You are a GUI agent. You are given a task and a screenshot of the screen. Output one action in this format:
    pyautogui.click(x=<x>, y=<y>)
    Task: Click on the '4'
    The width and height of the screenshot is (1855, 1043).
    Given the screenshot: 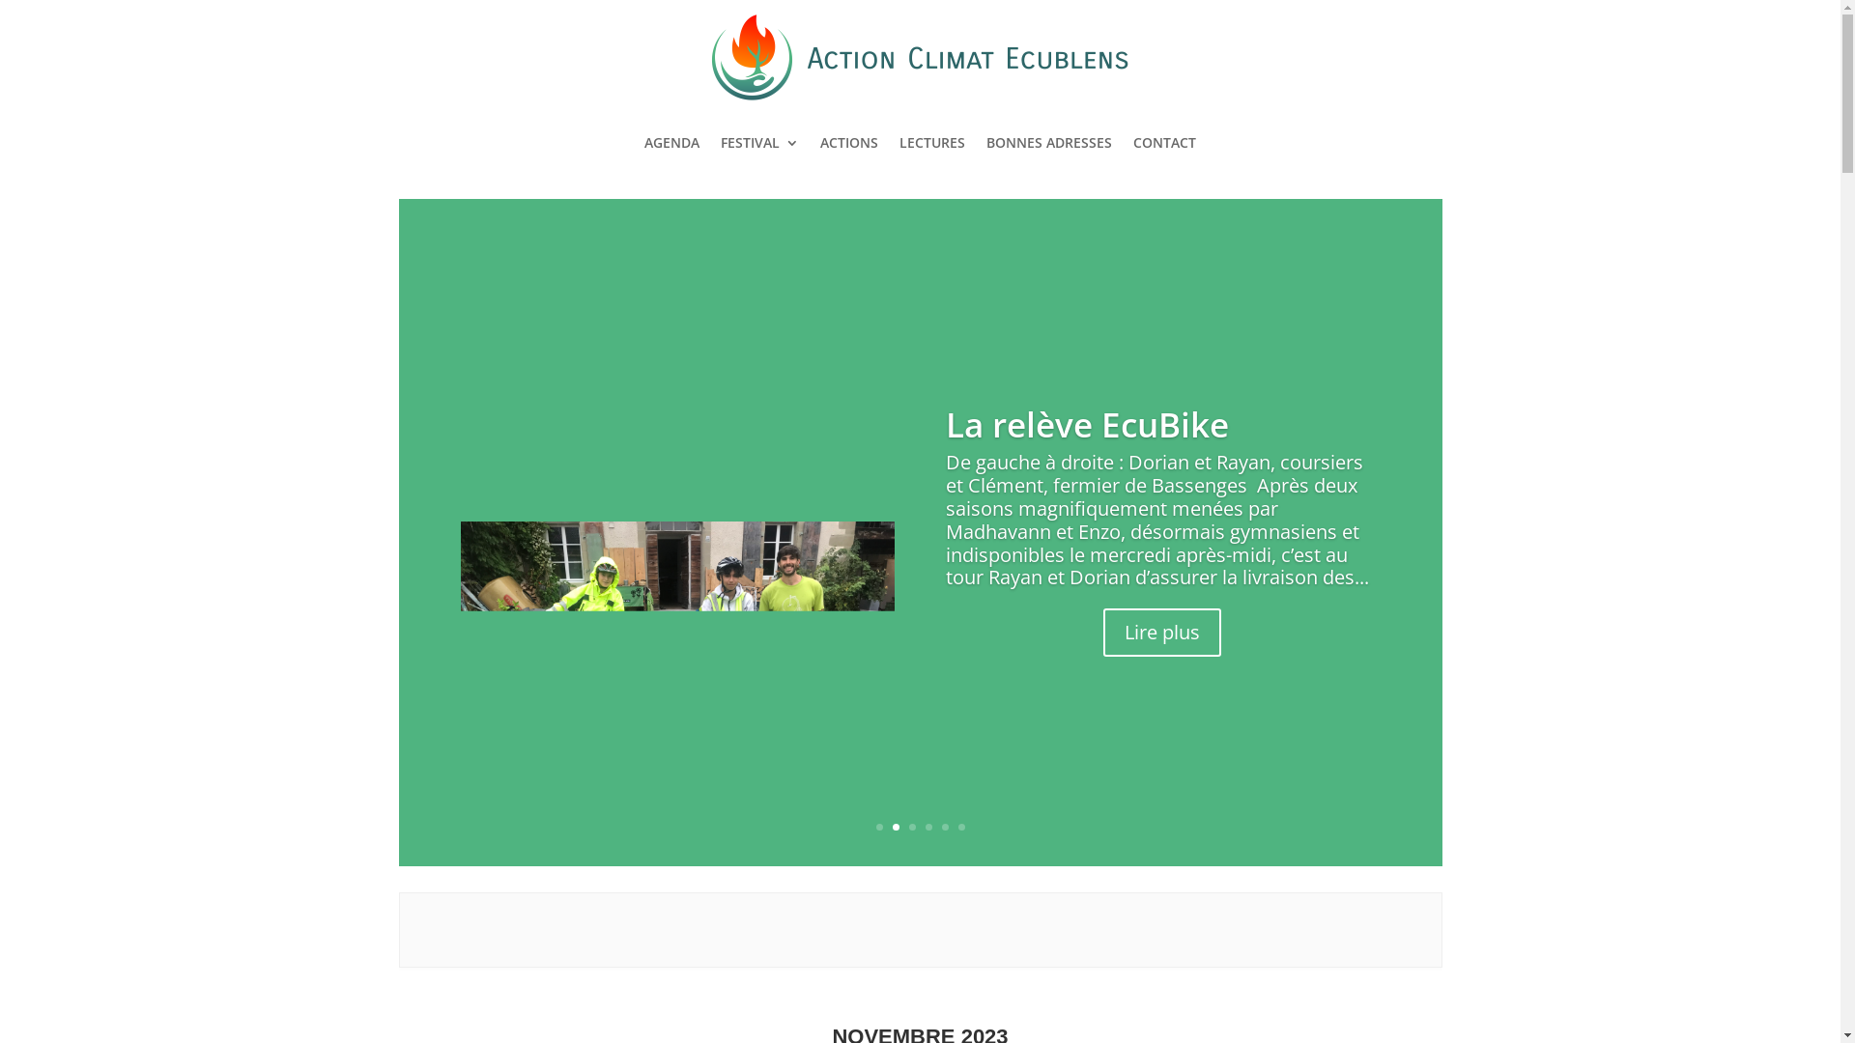 What is the action you would take?
    pyautogui.click(x=925, y=826)
    